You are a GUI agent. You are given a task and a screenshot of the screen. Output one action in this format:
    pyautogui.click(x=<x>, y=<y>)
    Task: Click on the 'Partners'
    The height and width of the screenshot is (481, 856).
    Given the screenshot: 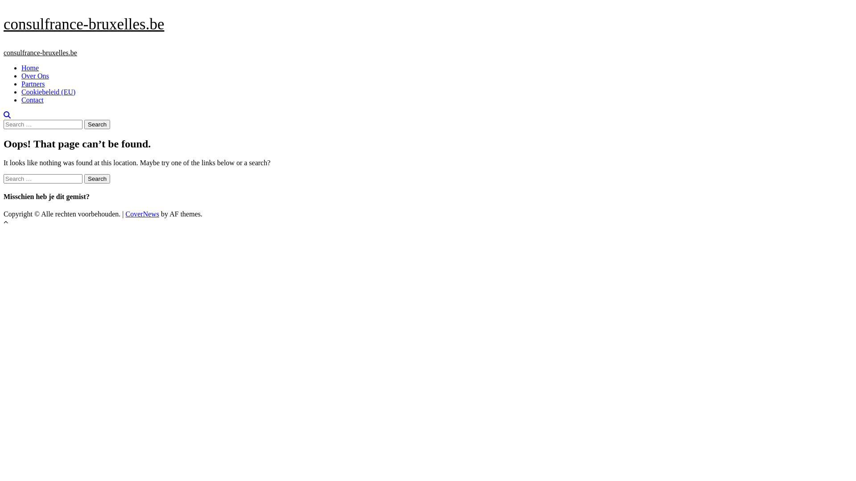 What is the action you would take?
    pyautogui.click(x=33, y=84)
    